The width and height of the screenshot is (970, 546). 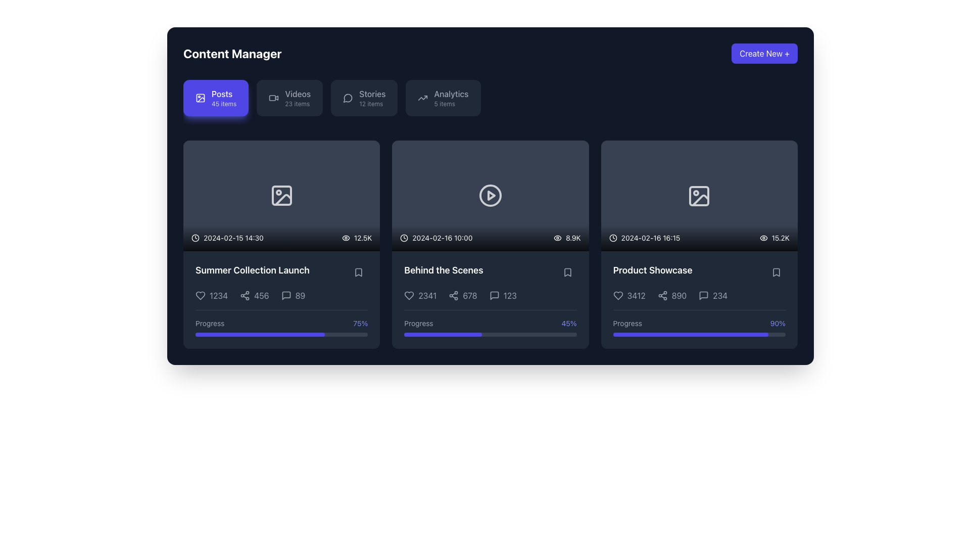 What do you see at coordinates (644, 238) in the screenshot?
I see `the Timestamp display element located near the top of the third card in the Content Manager interface` at bounding box center [644, 238].